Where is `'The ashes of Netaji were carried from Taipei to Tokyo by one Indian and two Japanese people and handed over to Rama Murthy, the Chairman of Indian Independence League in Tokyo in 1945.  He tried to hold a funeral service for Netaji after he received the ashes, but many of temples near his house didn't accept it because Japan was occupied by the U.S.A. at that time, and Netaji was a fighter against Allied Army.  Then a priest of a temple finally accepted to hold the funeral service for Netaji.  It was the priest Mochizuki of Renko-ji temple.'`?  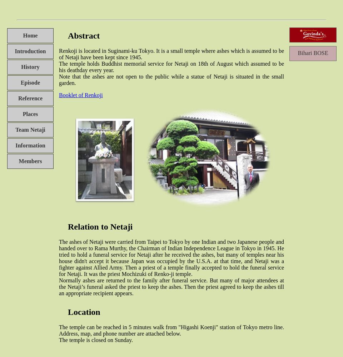 'The ashes of Netaji were carried from Taipei to Tokyo by one Indian and two Japanese people and handed over to Rama Murthy, the Chairman of Indian Independence League in Tokyo in 1945.  He tried to hold a funeral service for Netaji after he received the ashes, but many of temples near his house didn't accept it because Japan was occupied by the U.S.A. at that time, and Netaji was a fighter against Allied Army.  Then a priest of a temple finally accepted to hold the funeral service for Netaji.  It was the priest Mochizuki of Renko-ji temple.' is located at coordinates (171, 257).